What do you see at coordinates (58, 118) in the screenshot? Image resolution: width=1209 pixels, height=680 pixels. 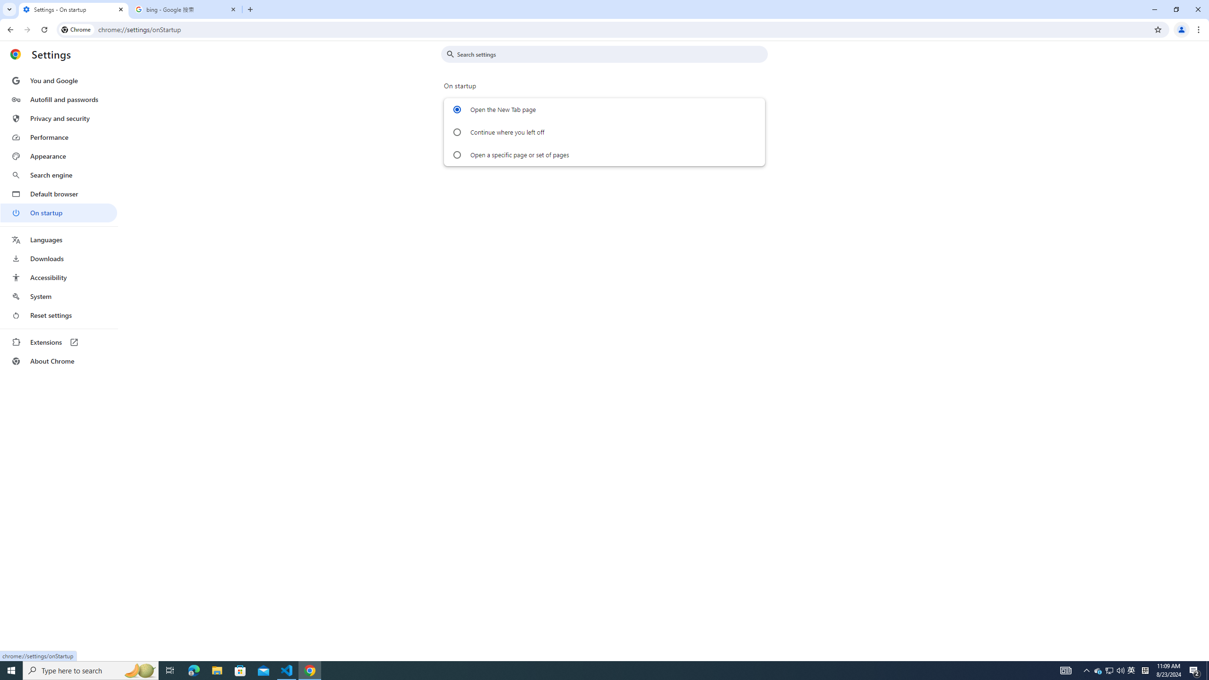 I see `'Privacy and security'` at bounding box center [58, 118].